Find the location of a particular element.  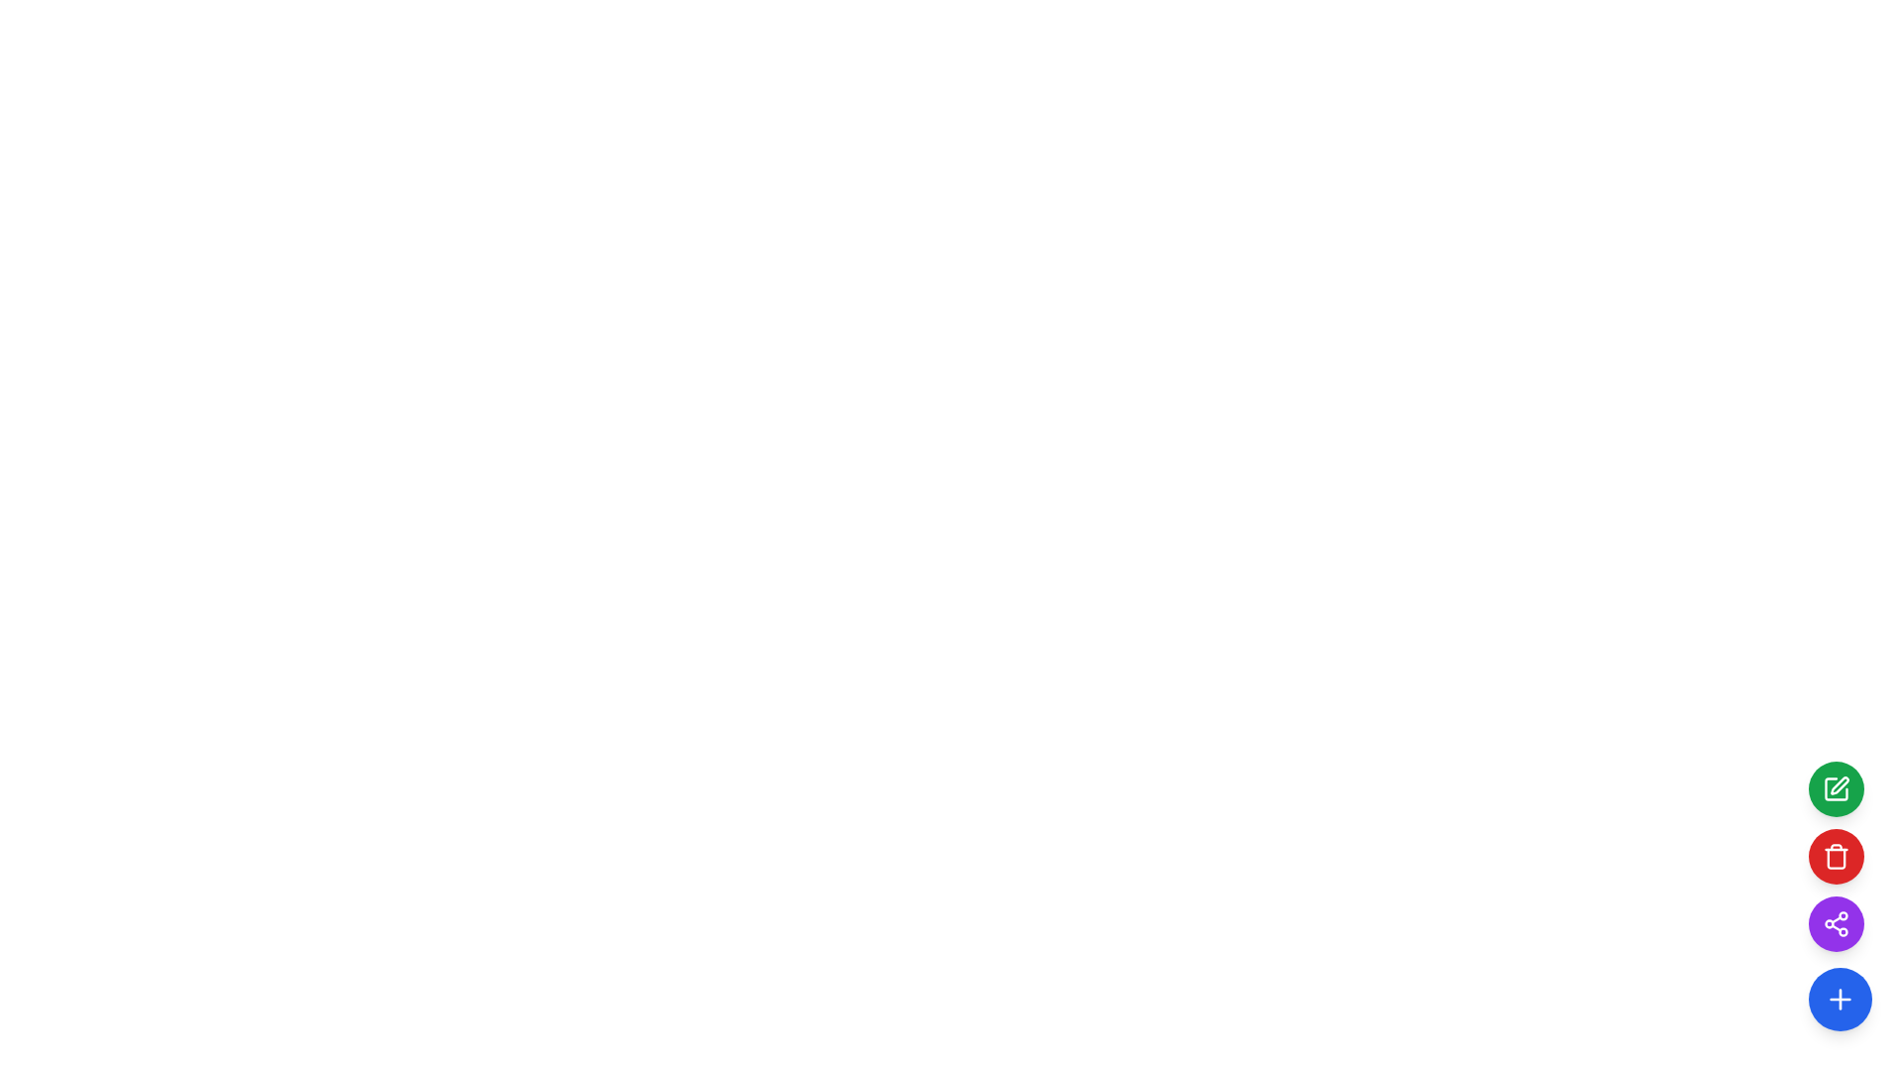

the purple circular button with a share-like icon located near the right edge of the interface is located at coordinates (1836, 924).